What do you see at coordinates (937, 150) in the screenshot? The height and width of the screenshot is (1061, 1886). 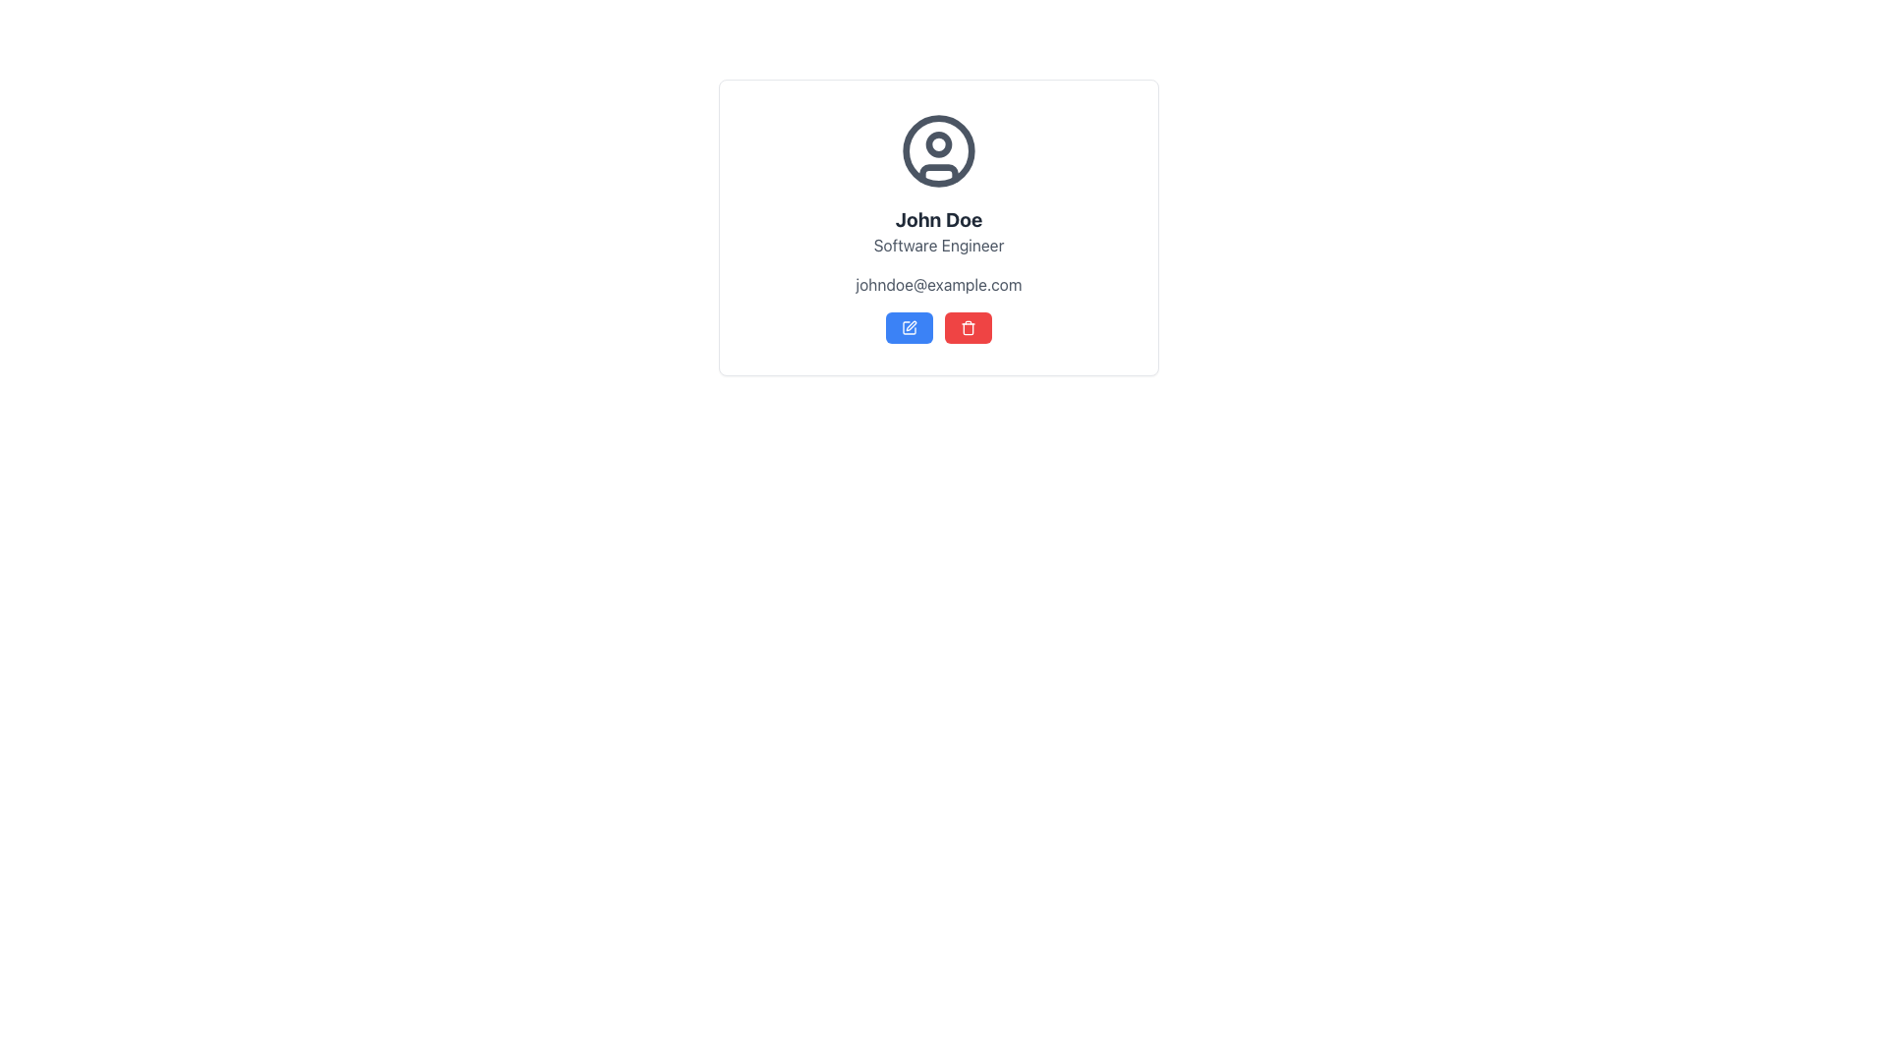 I see `the SVG Circle which is the innermost element of a user icon, featuring a white center and dark gray border, located at the top of a user profile card` at bounding box center [937, 150].